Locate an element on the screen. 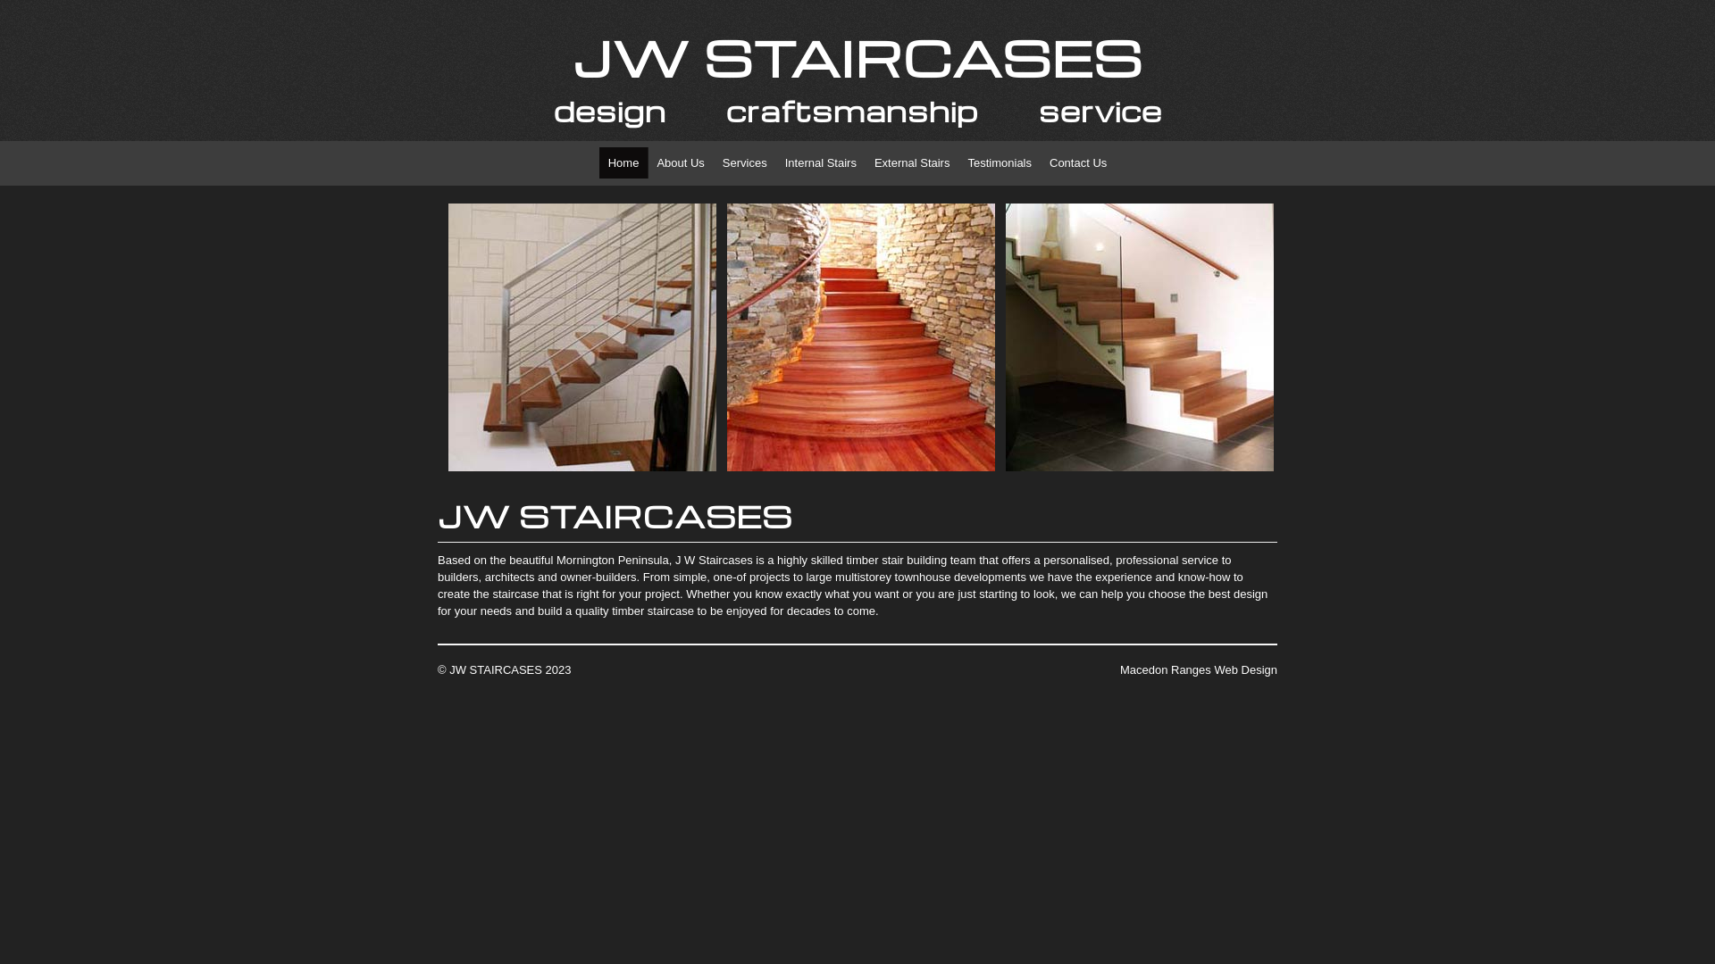  'Contact Us' is located at coordinates (1076, 162).